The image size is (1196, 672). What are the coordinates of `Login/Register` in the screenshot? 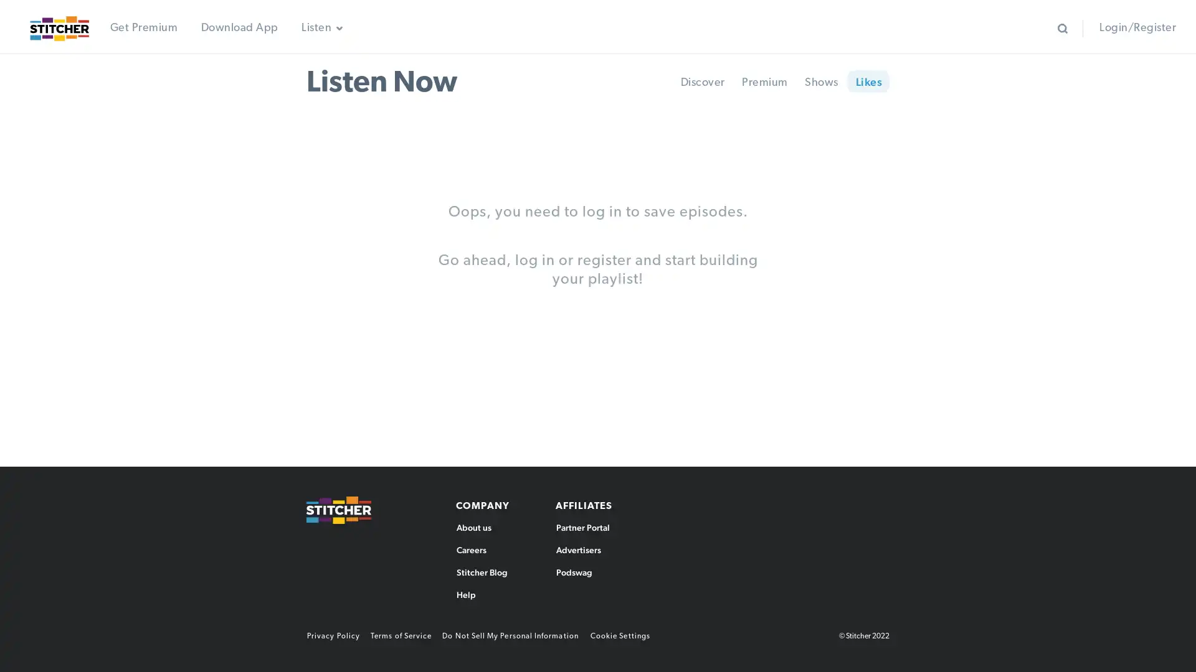 It's located at (1137, 28).